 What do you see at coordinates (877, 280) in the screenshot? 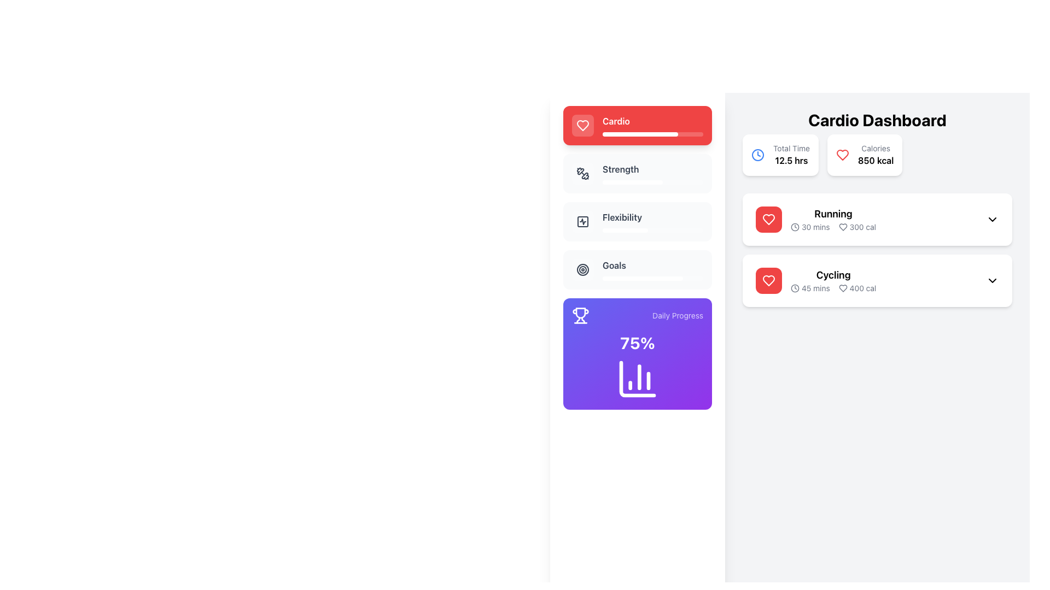
I see `the card component displaying 'Cycling'` at bounding box center [877, 280].